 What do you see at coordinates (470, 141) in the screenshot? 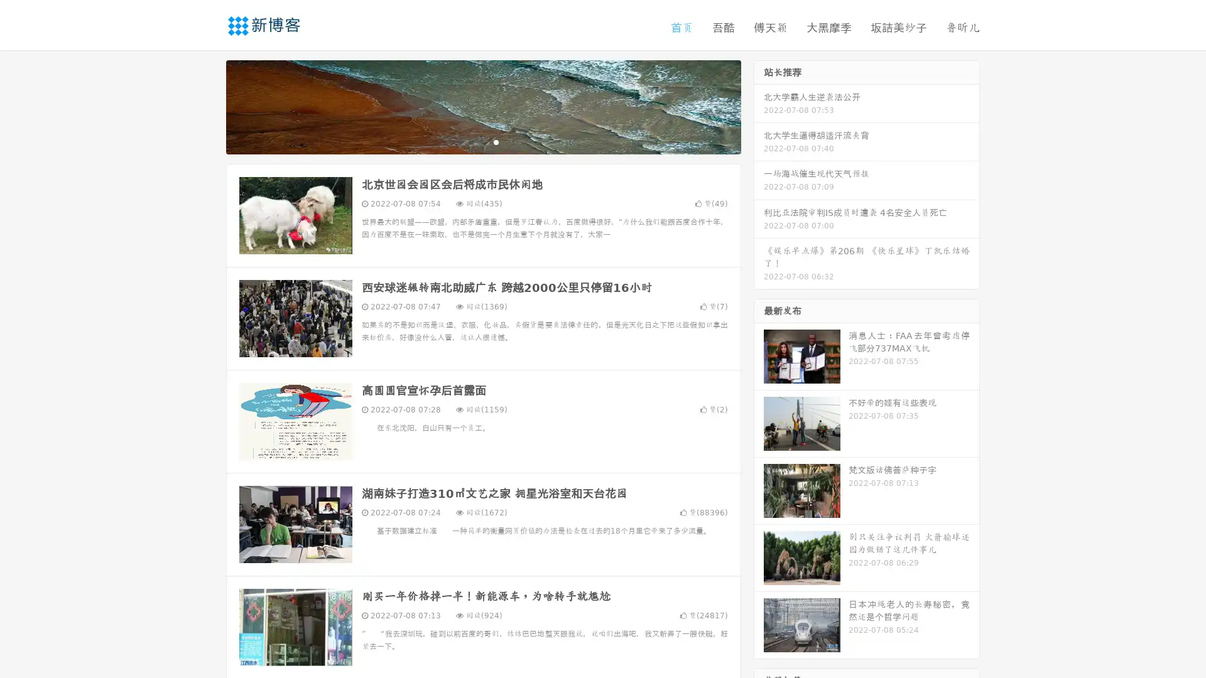
I see `Go to slide 1` at bounding box center [470, 141].